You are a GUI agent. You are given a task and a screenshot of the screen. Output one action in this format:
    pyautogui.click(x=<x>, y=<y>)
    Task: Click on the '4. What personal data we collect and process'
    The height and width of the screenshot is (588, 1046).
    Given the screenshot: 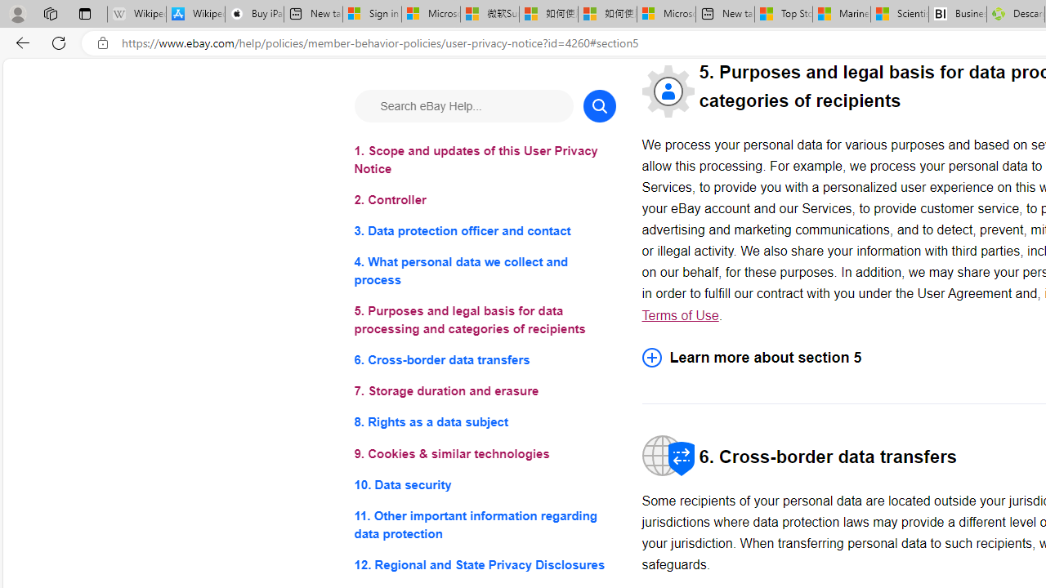 What is the action you would take?
    pyautogui.click(x=484, y=270)
    